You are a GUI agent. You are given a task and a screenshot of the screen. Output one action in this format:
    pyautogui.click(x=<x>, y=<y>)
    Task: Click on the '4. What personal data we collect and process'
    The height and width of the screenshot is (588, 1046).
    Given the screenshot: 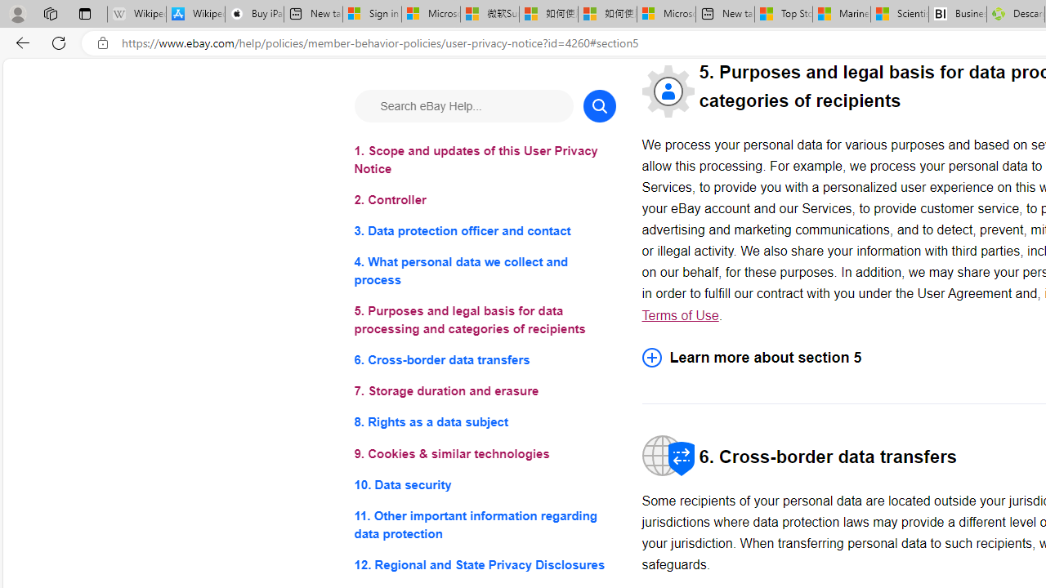 What is the action you would take?
    pyautogui.click(x=484, y=270)
    